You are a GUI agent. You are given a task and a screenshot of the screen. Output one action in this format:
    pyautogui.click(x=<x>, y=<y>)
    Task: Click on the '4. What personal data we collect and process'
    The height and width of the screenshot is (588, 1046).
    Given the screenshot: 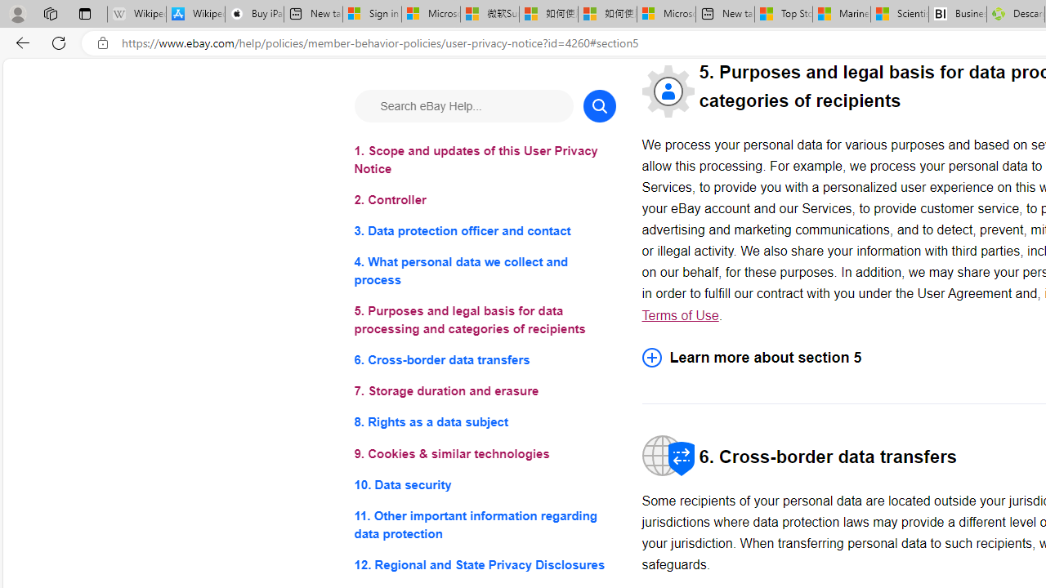 What is the action you would take?
    pyautogui.click(x=484, y=270)
    